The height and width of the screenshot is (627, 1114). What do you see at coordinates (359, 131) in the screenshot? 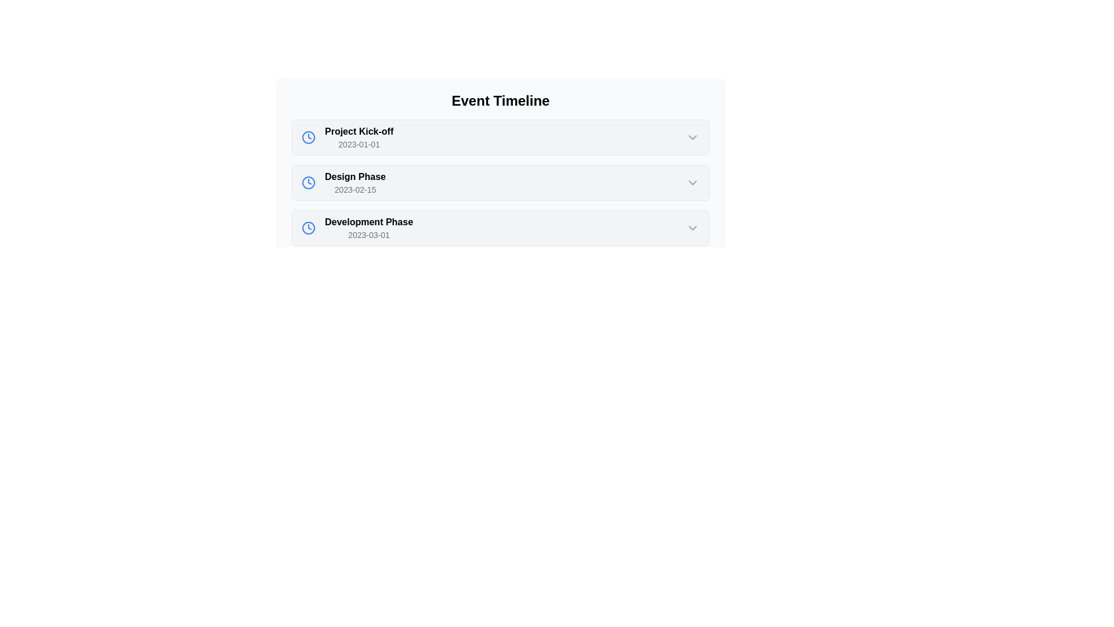
I see `the text label displaying 'Project Kick-off' that is located above the date '2023-01-01' in the 'Event Timeline' section` at bounding box center [359, 131].